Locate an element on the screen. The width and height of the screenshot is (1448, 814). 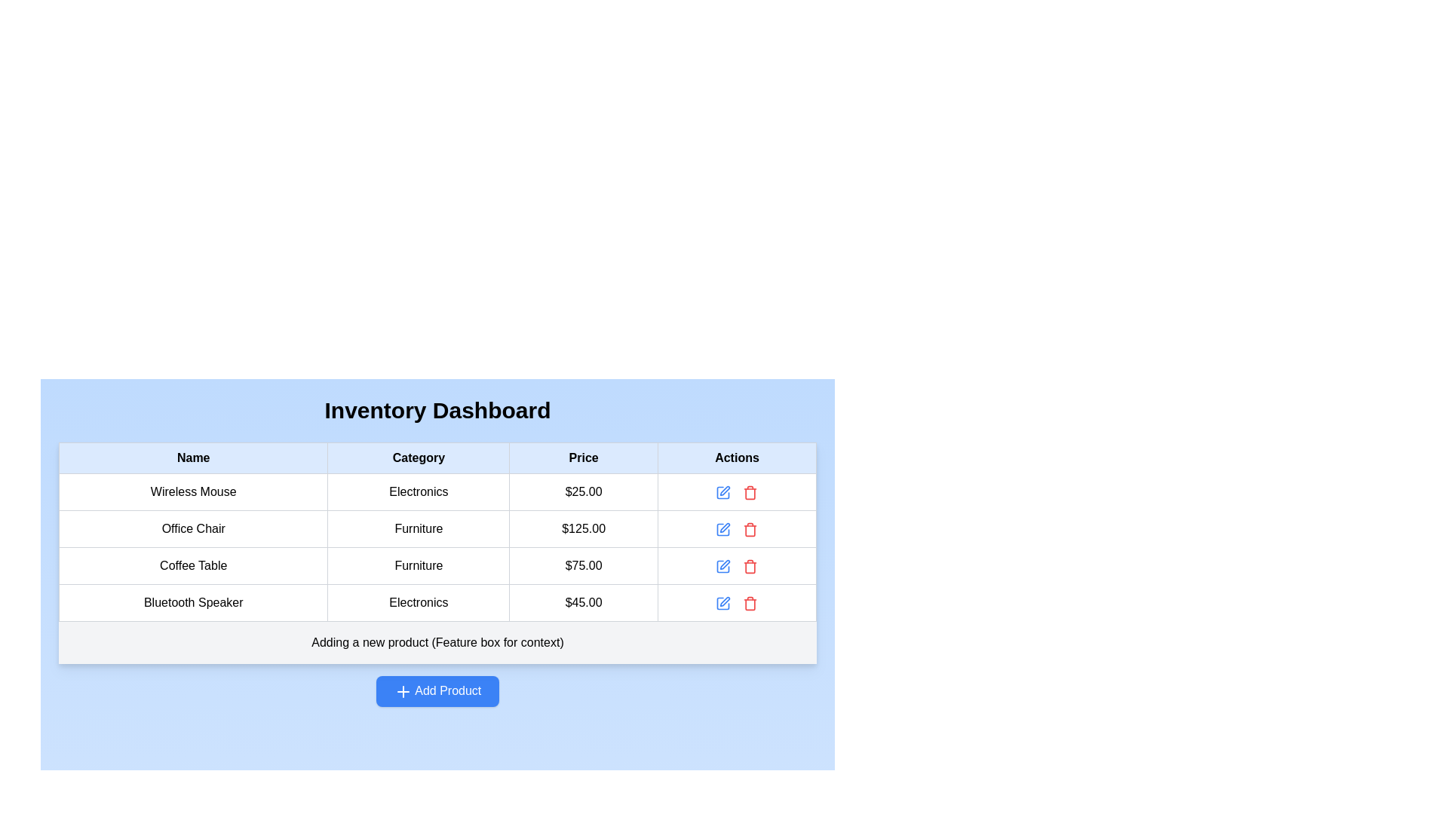
the blue pen-shaped icon button located in the 'Actions' column of the last row of the table is located at coordinates (722, 601).